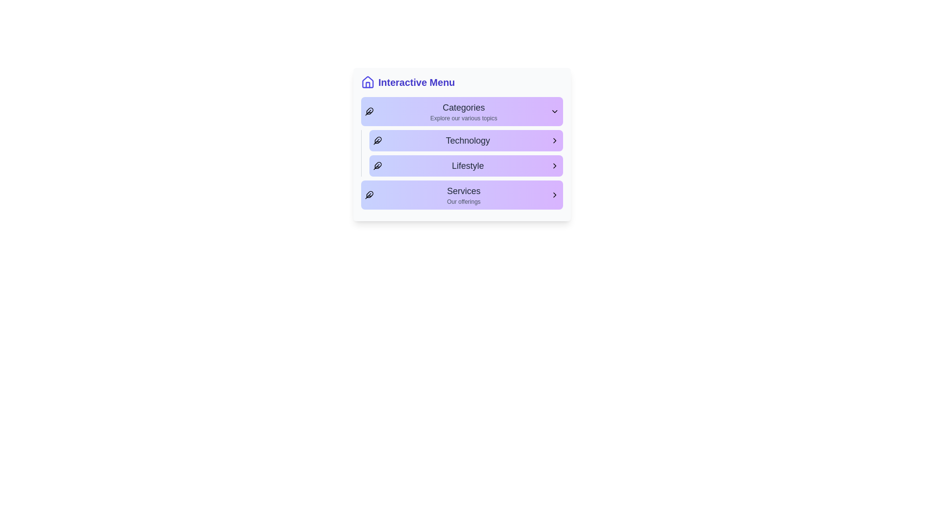 The height and width of the screenshot is (524, 932). What do you see at coordinates (377, 140) in the screenshot?
I see `the decorative icon positioned to the left of the 'Technology' text in the second row of the vertical list menu` at bounding box center [377, 140].